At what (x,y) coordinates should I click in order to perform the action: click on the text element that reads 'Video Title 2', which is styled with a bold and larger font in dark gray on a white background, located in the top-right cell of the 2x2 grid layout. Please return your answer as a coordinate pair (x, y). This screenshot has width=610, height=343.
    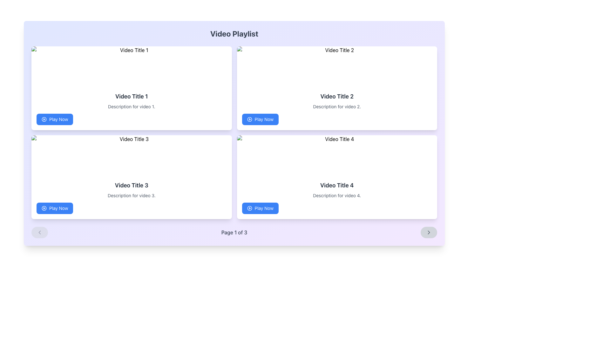
    Looking at the image, I should click on (336, 97).